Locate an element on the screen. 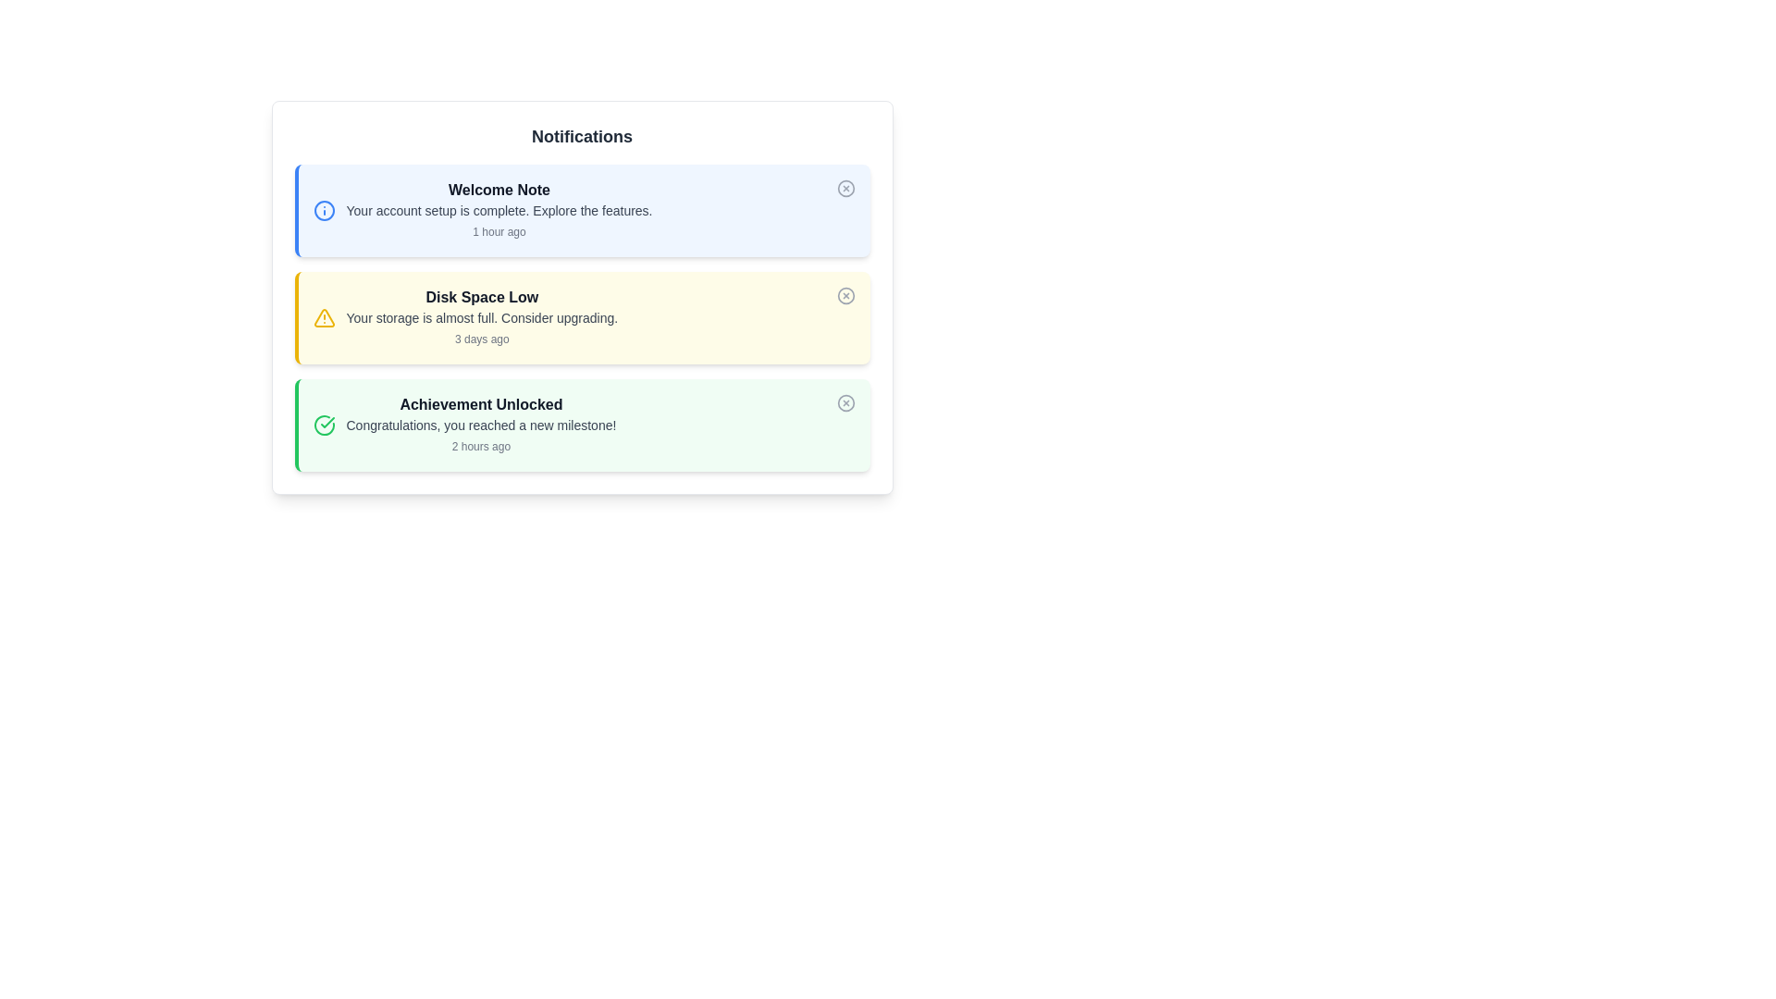  the supplementary message text element located below the 'Welcome Note' title and above the '1 hour ago' timestamp is located at coordinates (499, 209).